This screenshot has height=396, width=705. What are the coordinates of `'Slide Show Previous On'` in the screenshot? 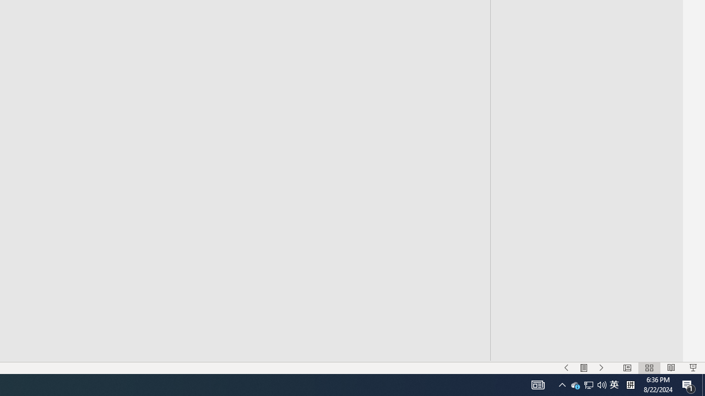 It's located at (566, 368).